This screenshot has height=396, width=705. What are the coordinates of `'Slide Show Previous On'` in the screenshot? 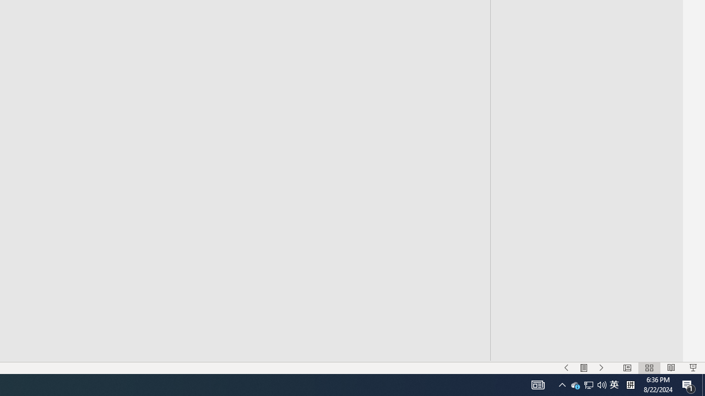 It's located at (566, 368).